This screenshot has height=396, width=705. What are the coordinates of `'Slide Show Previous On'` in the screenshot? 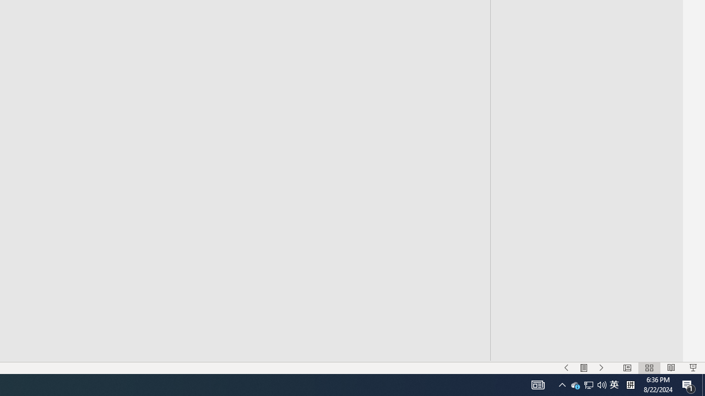 It's located at (566, 368).